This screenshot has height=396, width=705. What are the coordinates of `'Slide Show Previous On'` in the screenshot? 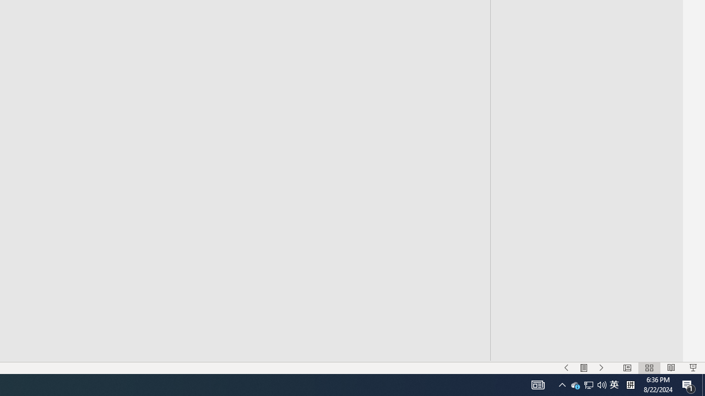 It's located at (566, 368).